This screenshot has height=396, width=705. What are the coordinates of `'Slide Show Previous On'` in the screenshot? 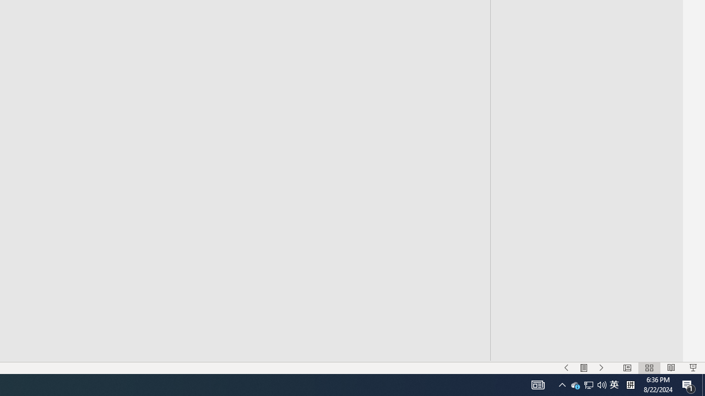 It's located at (566, 368).